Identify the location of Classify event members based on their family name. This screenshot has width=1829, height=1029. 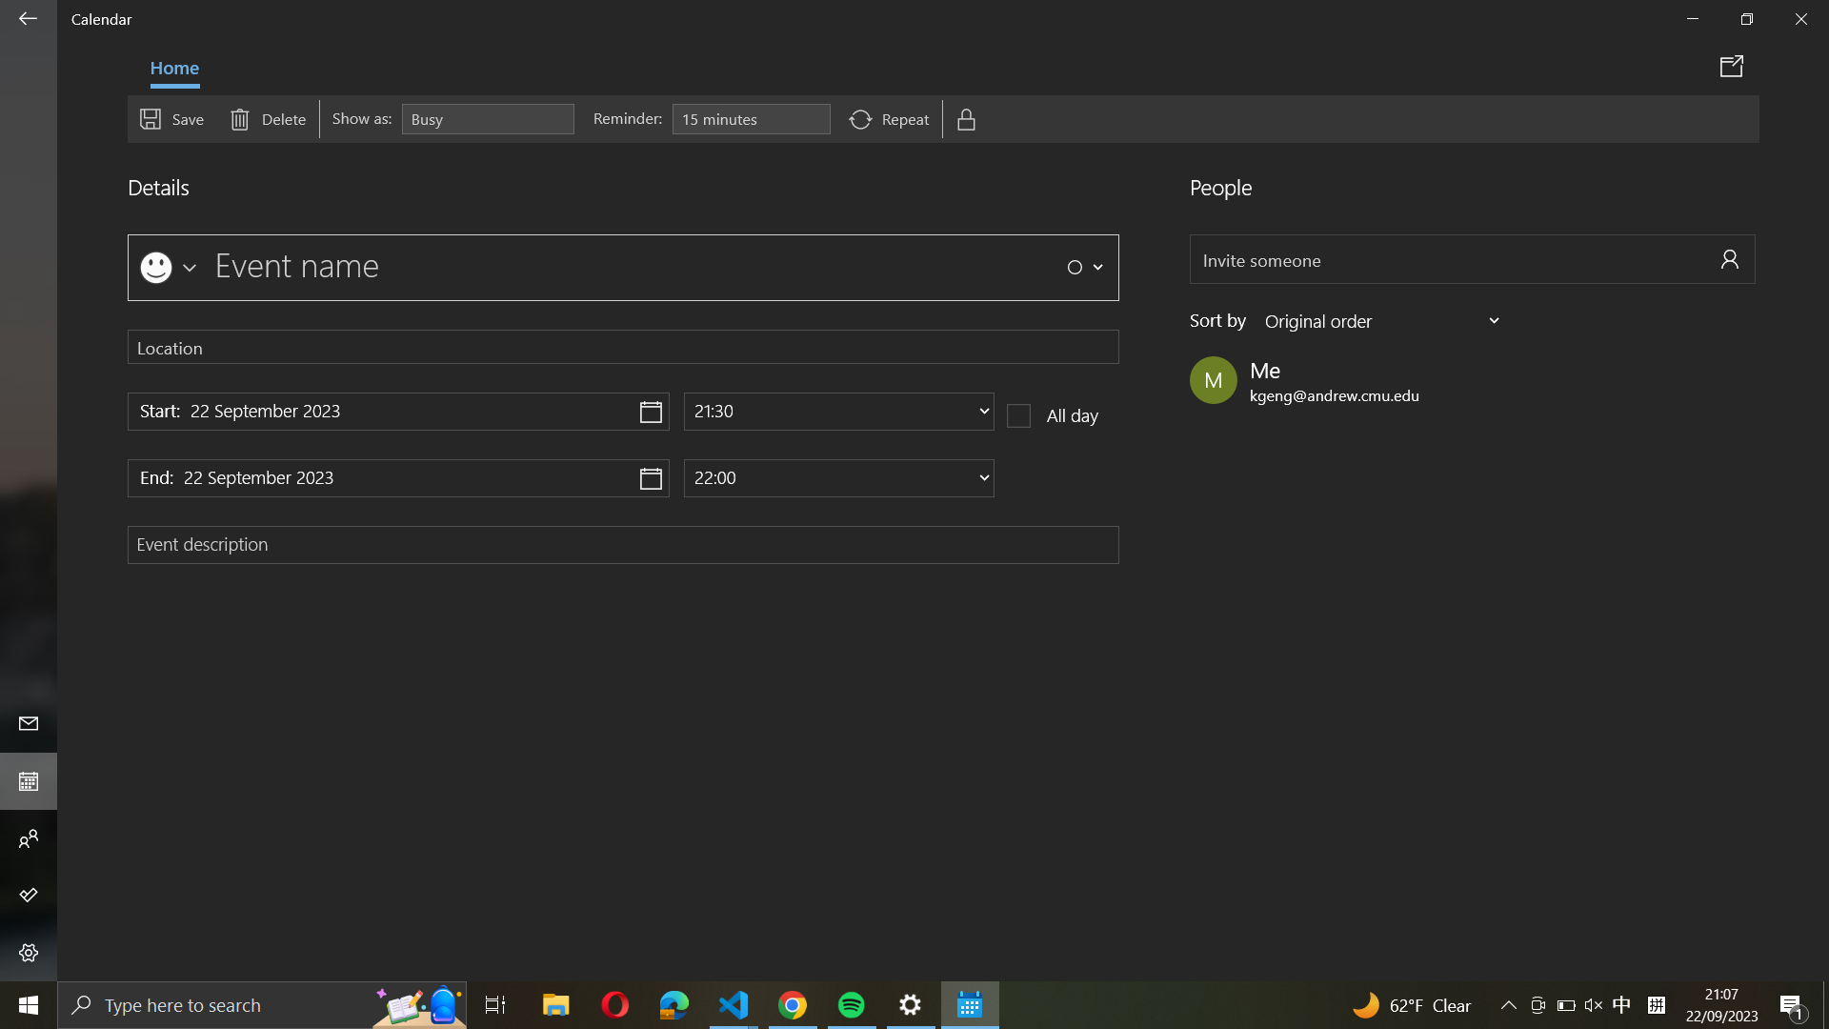
(1384, 319).